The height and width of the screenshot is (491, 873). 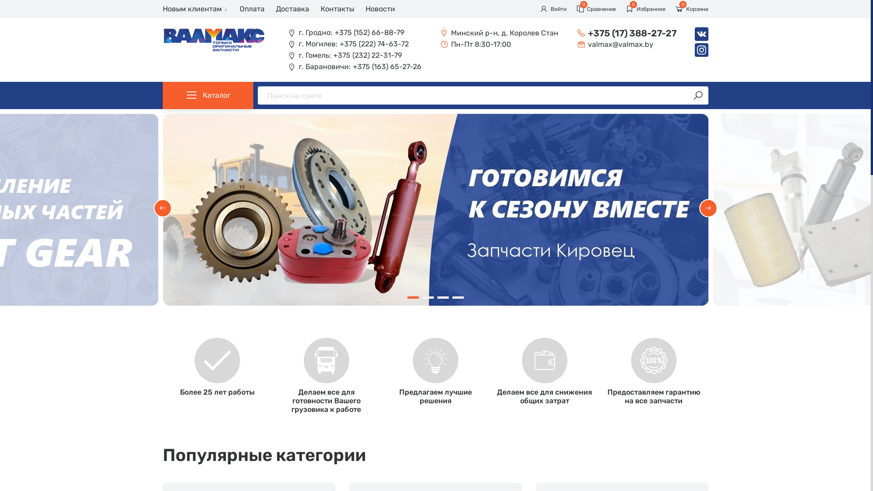 What do you see at coordinates (626, 44) in the screenshot?
I see `'valmax@valmax.by'` at bounding box center [626, 44].